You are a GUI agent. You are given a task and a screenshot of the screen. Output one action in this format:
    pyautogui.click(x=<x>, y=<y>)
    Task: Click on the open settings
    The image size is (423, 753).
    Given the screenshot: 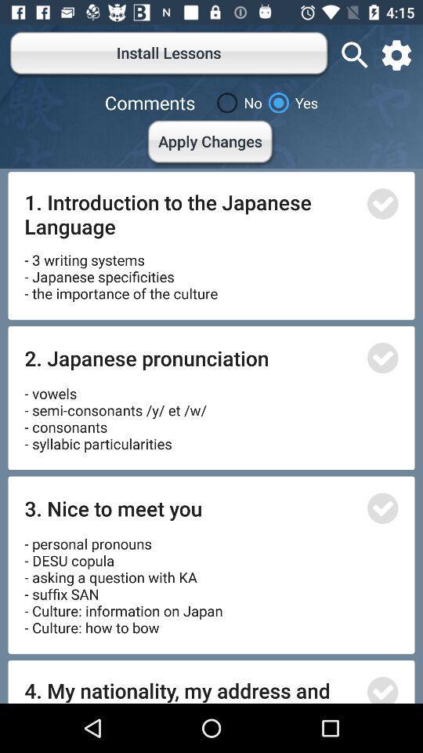 What is the action you would take?
    pyautogui.click(x=396, y=55)
    